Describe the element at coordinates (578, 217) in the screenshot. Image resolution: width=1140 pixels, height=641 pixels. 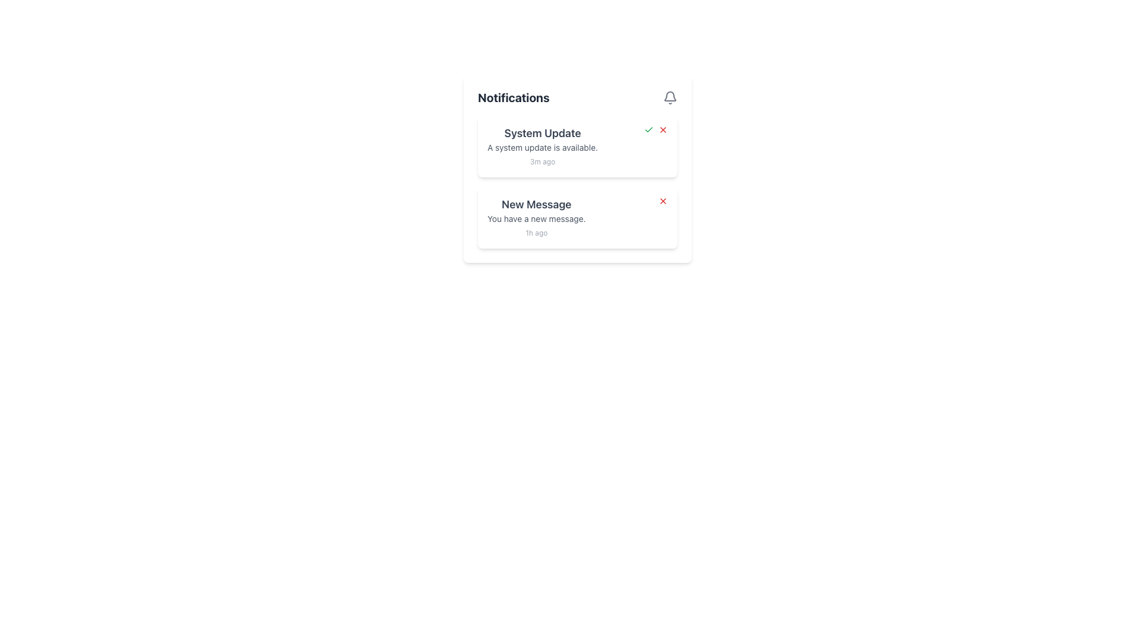
I see `the notification card that summarizes a new message, located as the second card in the Notifications list` at that location.